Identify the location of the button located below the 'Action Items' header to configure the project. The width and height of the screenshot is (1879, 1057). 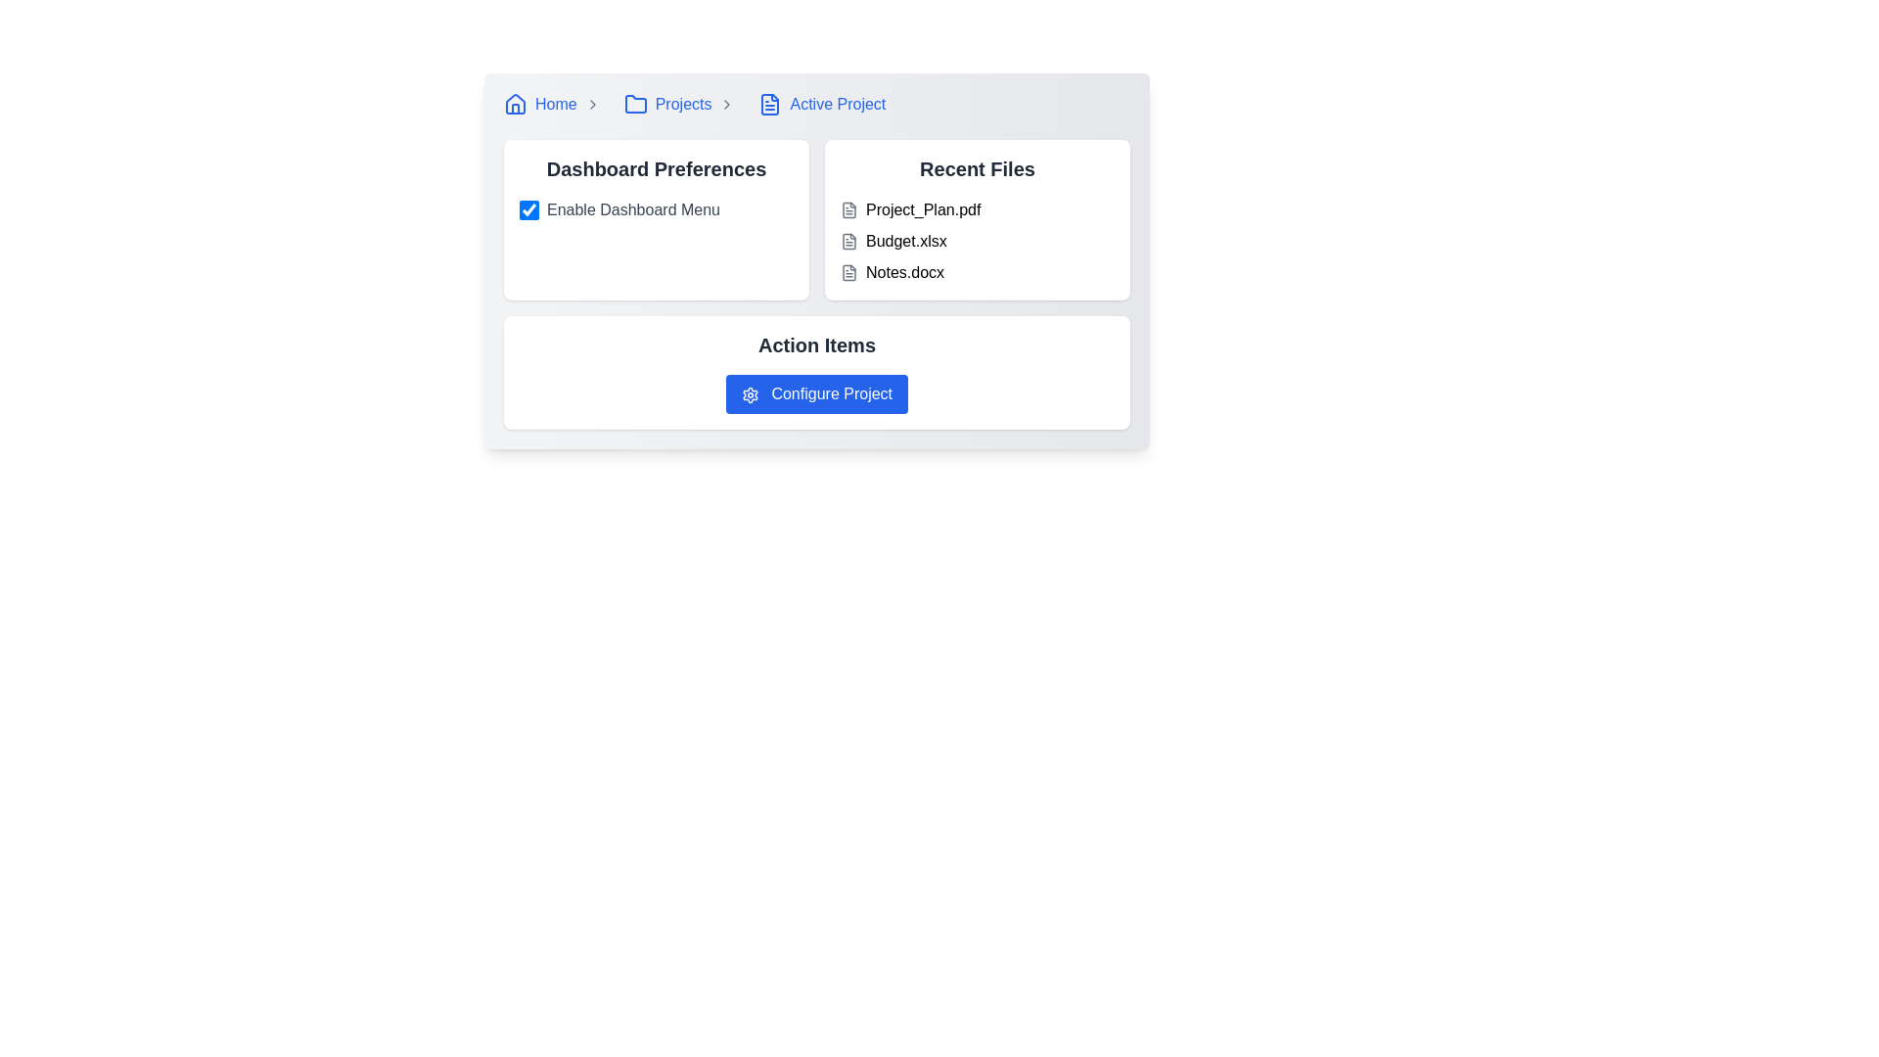
(817, 393).